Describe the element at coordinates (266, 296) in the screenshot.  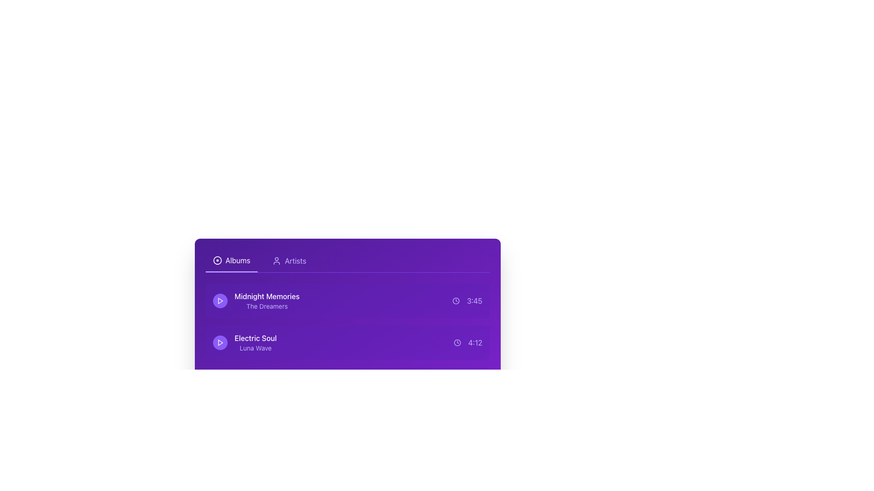
I see `the primary title text label for the music track, which is centrally aligned above the text 'The Dreamers' in the music track list` at that location.